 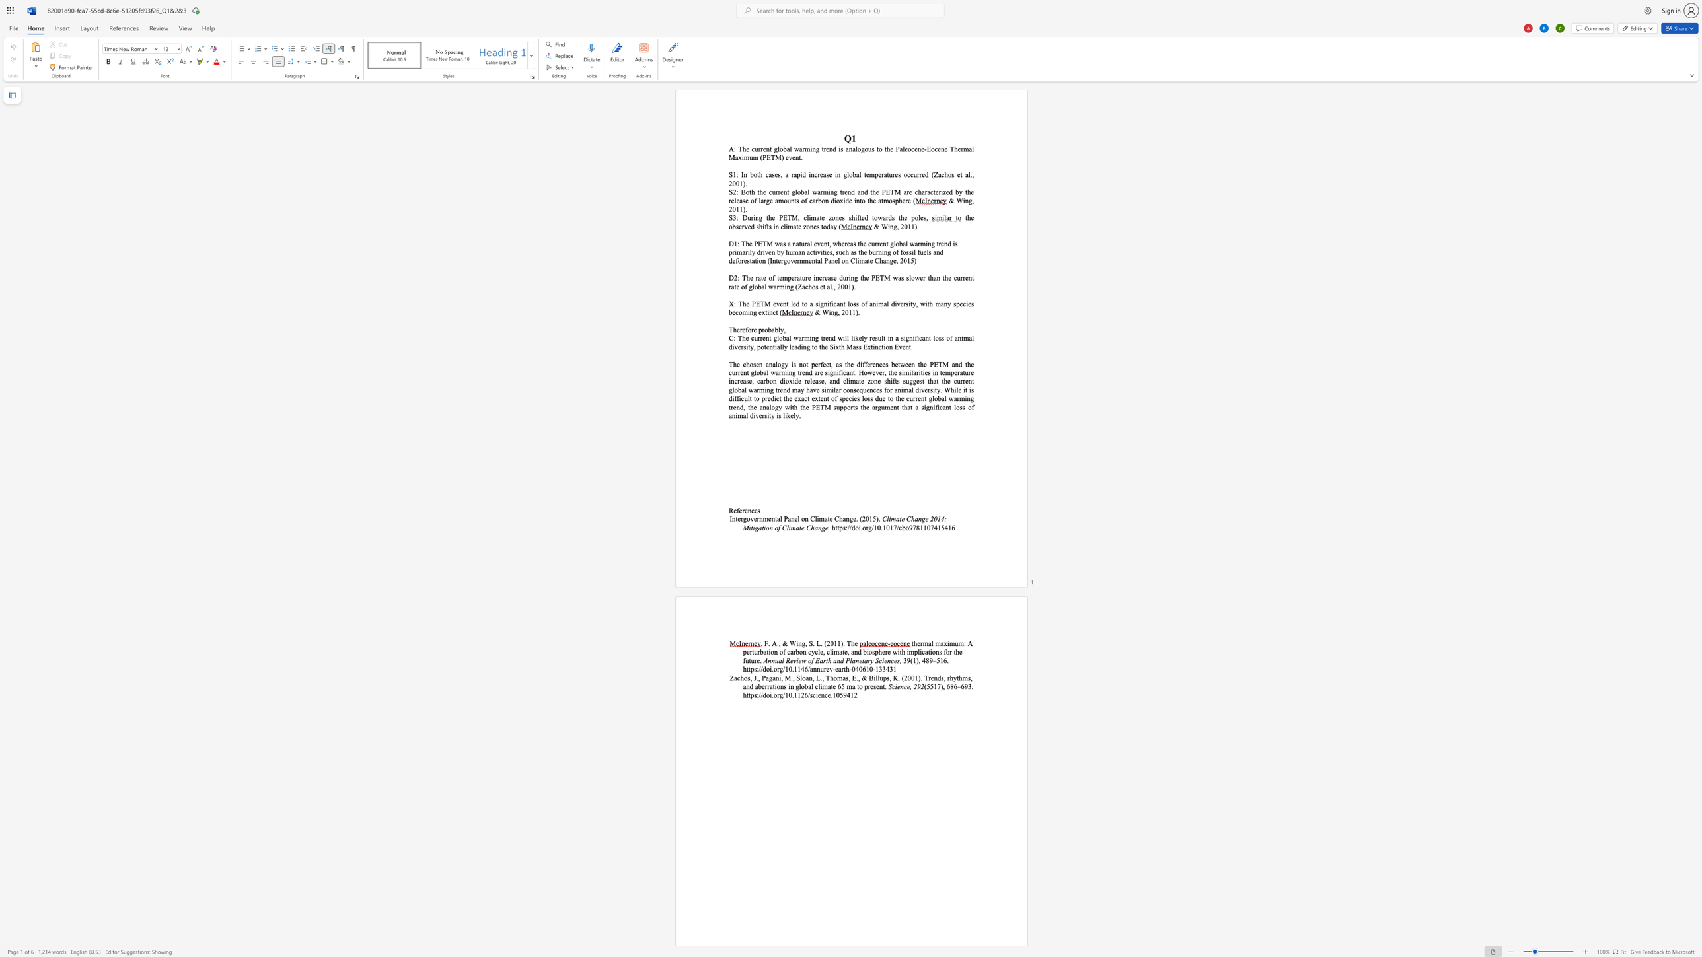 What do you see at coordinates (759, 372) in the screenshot?
I see `the space between the continuous character "o" and "b" in the text` at bounding box center [759, 372].